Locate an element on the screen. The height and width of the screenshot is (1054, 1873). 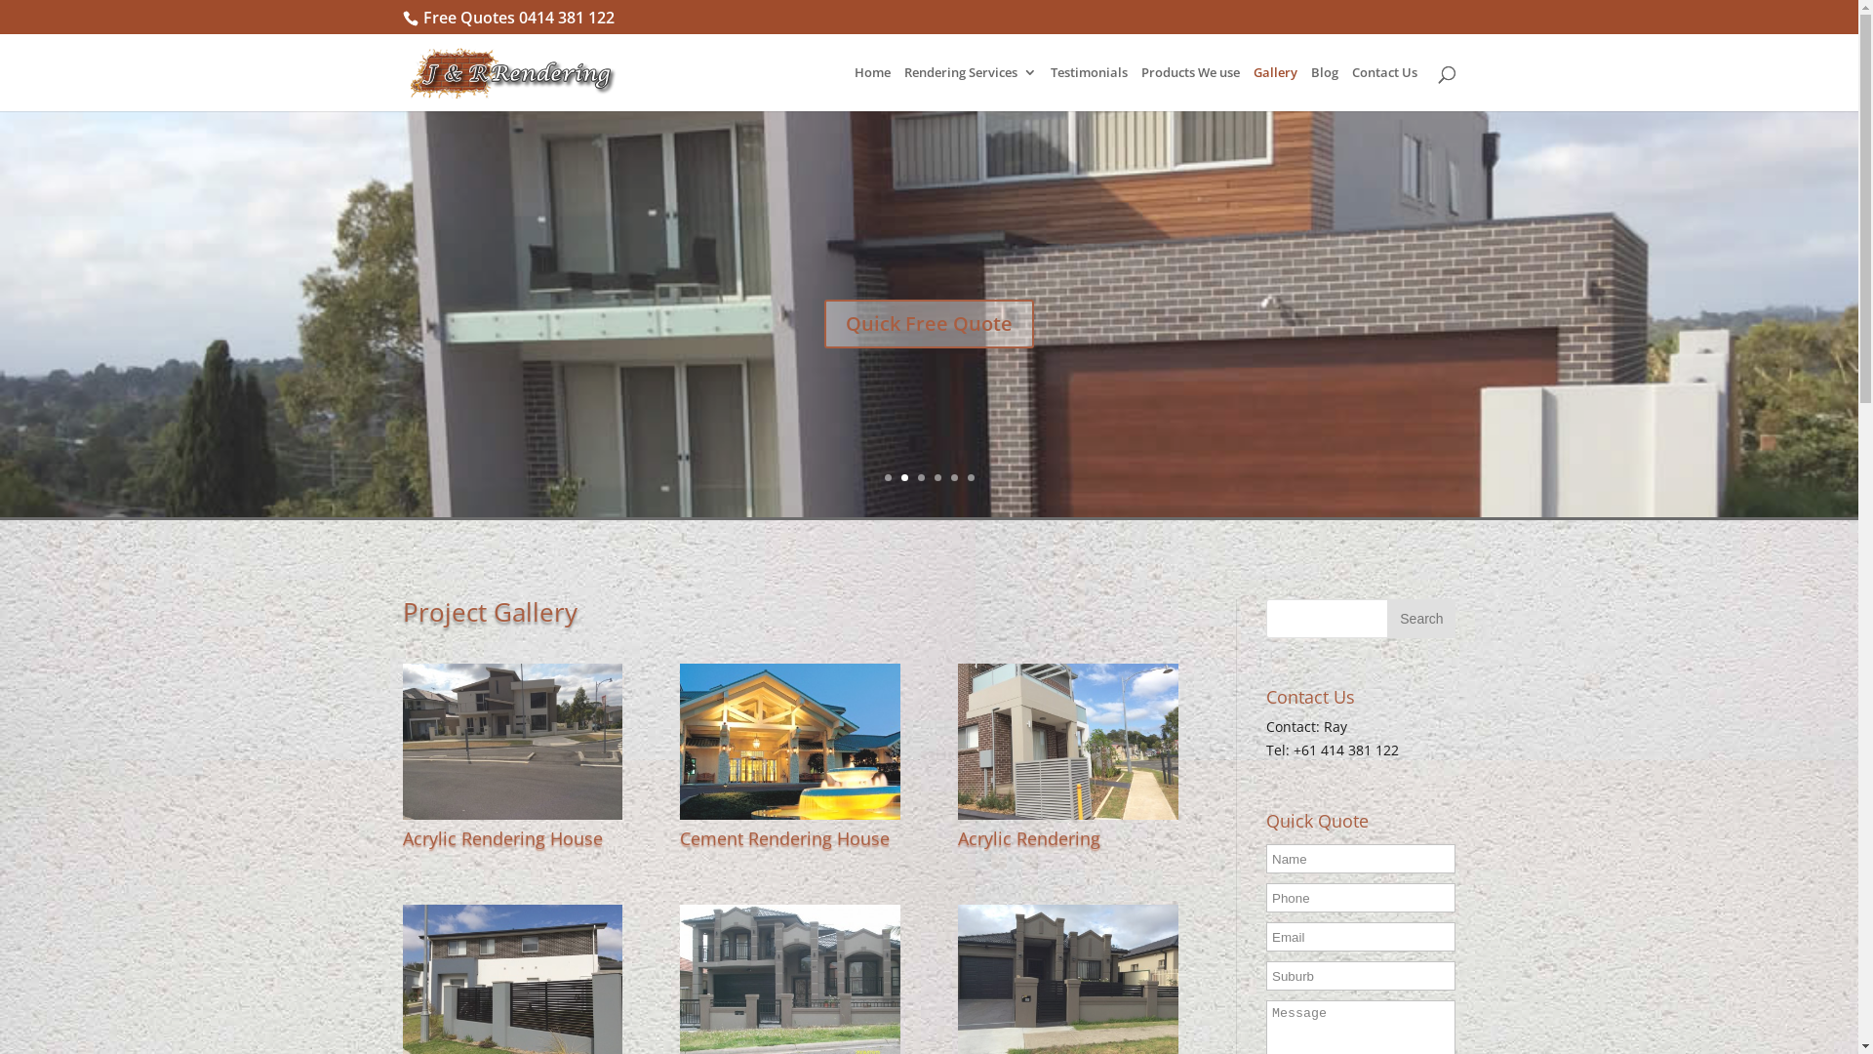
'Free Quotes 0414 381 122' is located at coordinates (519, 18).